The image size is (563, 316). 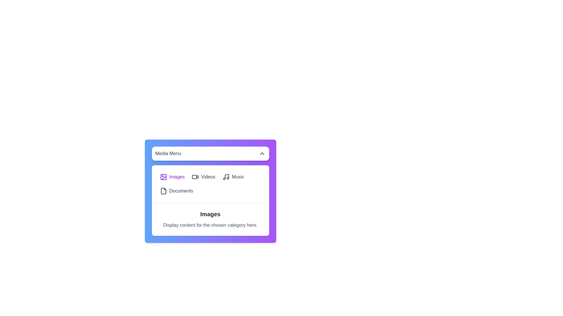 What do you see at coordinates (225, 177) in the screenshot?
I see `the small musical note icon located in the 'Music' option of the menu` at bounding box center [225, 177].